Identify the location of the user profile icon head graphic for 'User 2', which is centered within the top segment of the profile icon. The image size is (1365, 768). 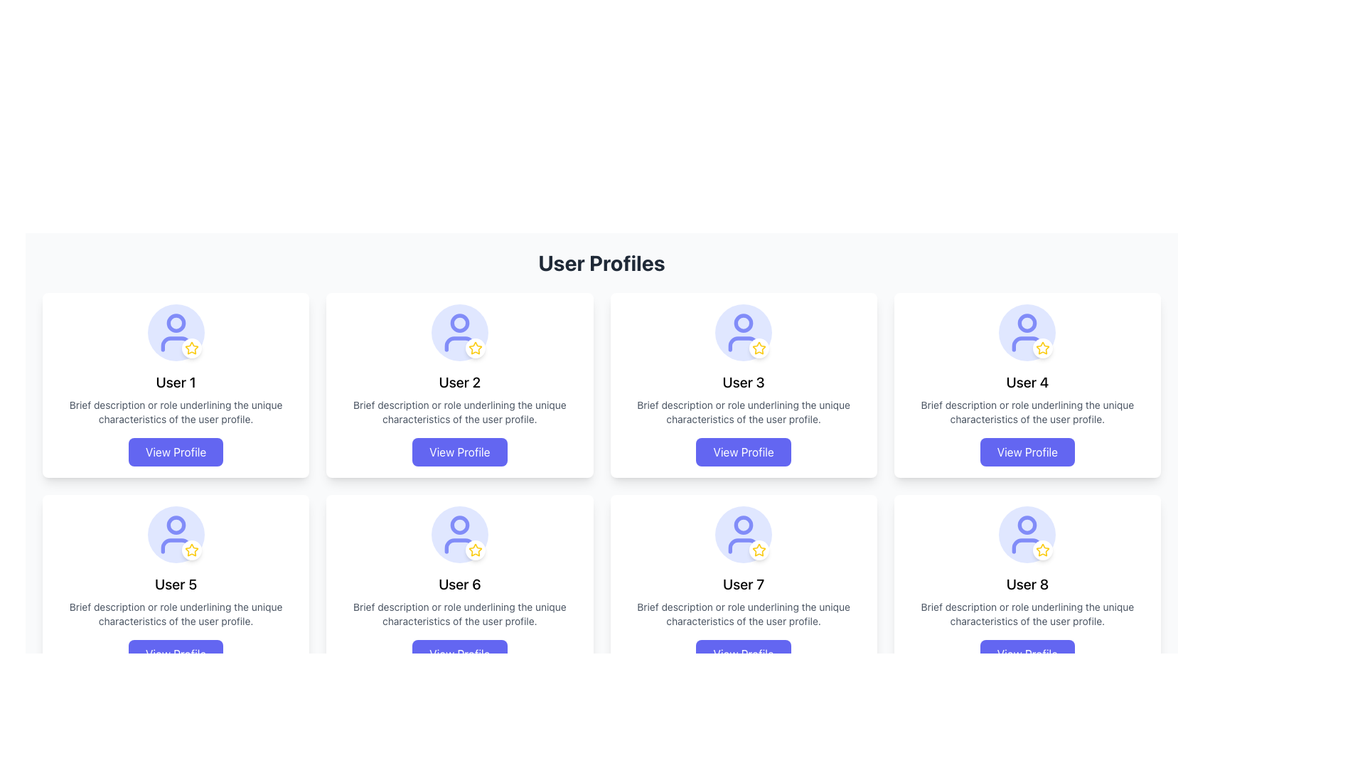
(459, 323).